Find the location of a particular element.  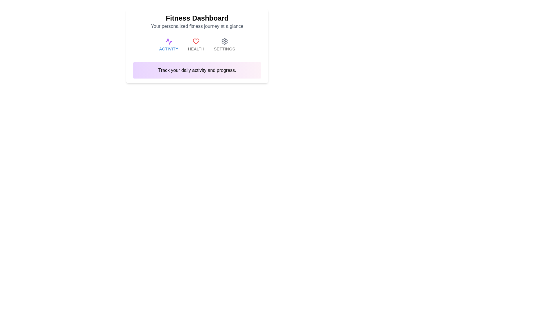

the gear/settings icon located is located at coordinates (224, 41).